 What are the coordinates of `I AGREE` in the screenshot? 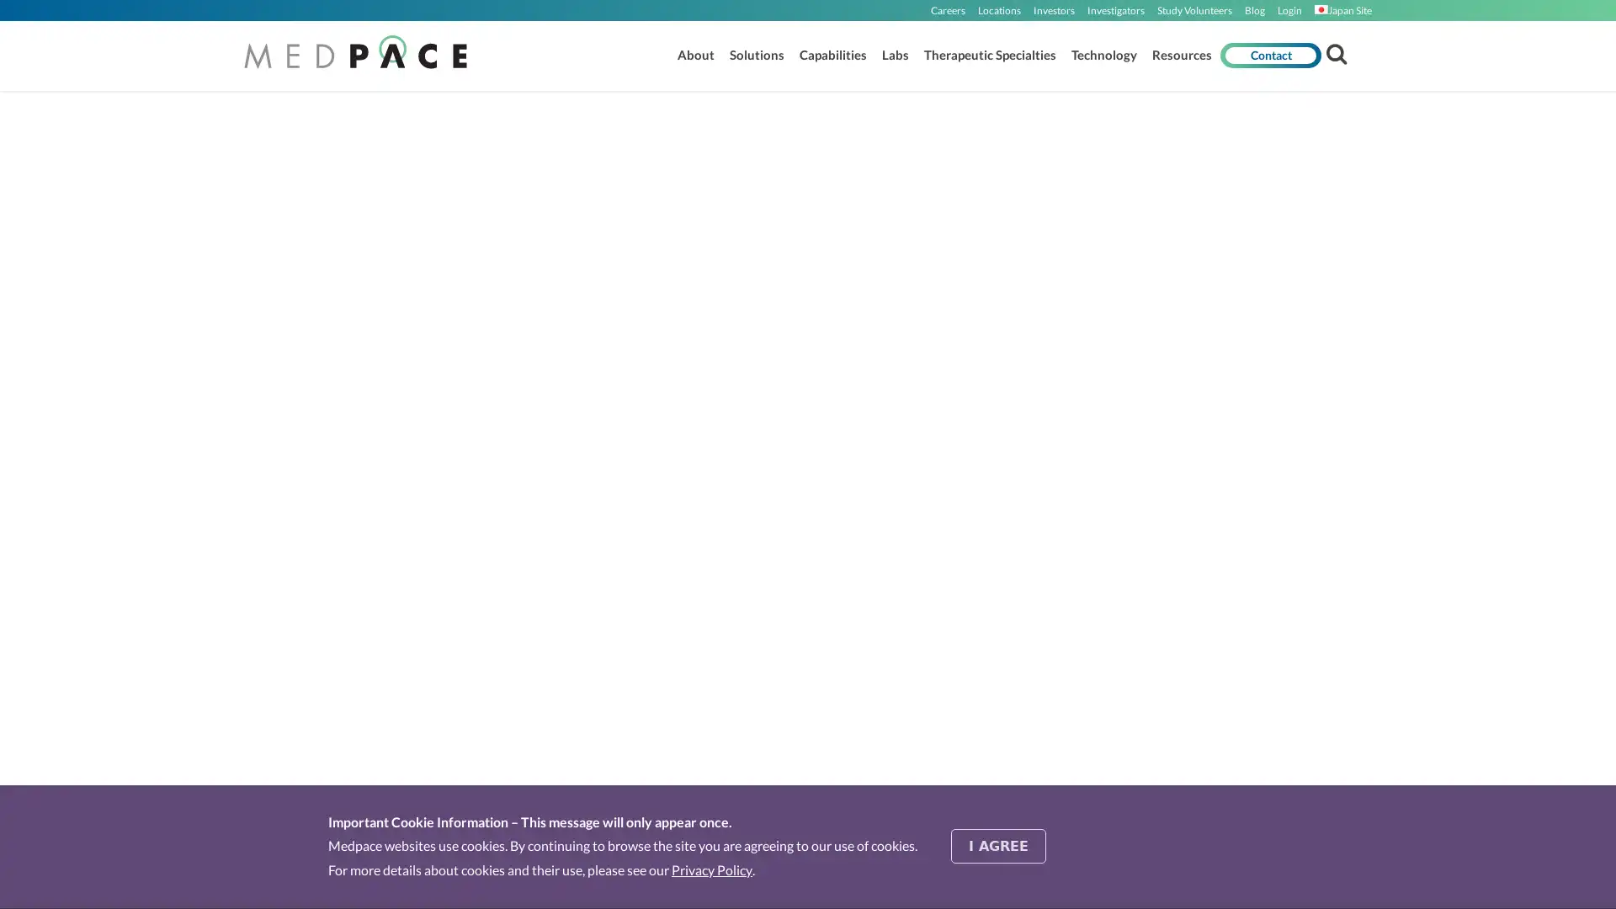 It's located at (998, 846).